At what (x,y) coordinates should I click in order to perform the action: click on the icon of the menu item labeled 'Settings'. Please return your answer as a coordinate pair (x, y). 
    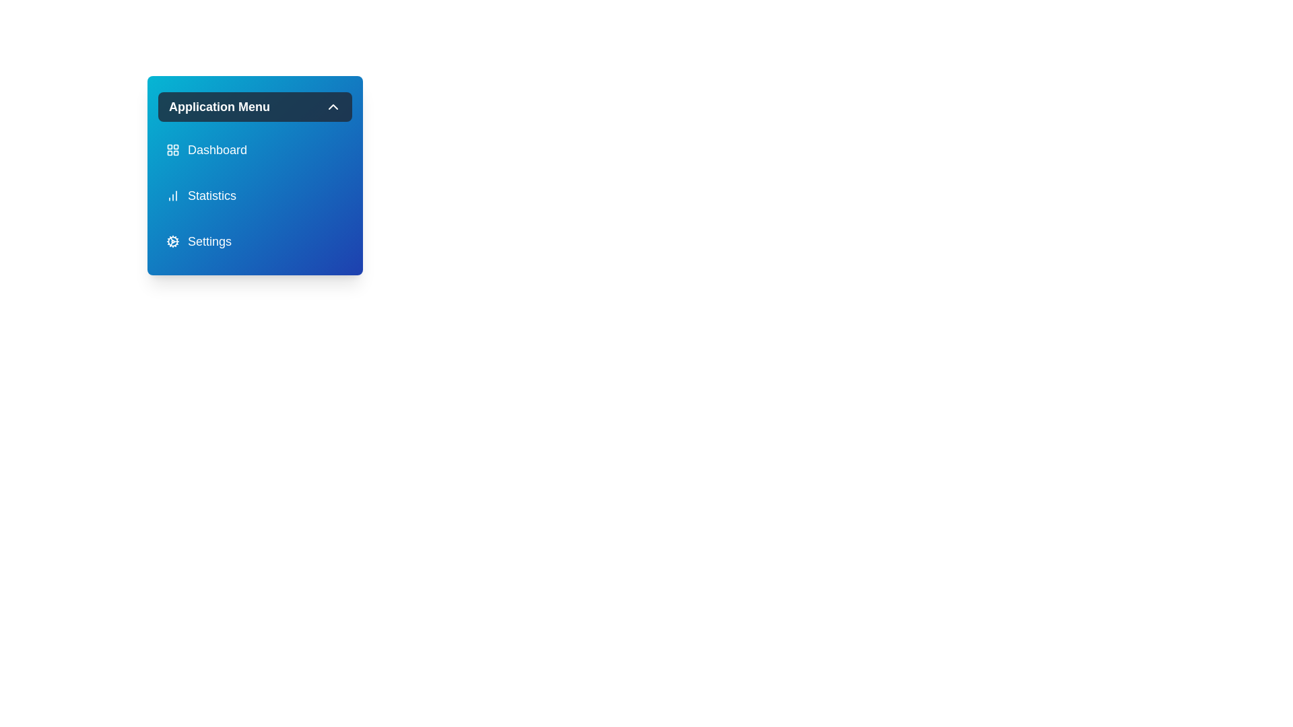
    Looking at the image, I should click on (172, 240).